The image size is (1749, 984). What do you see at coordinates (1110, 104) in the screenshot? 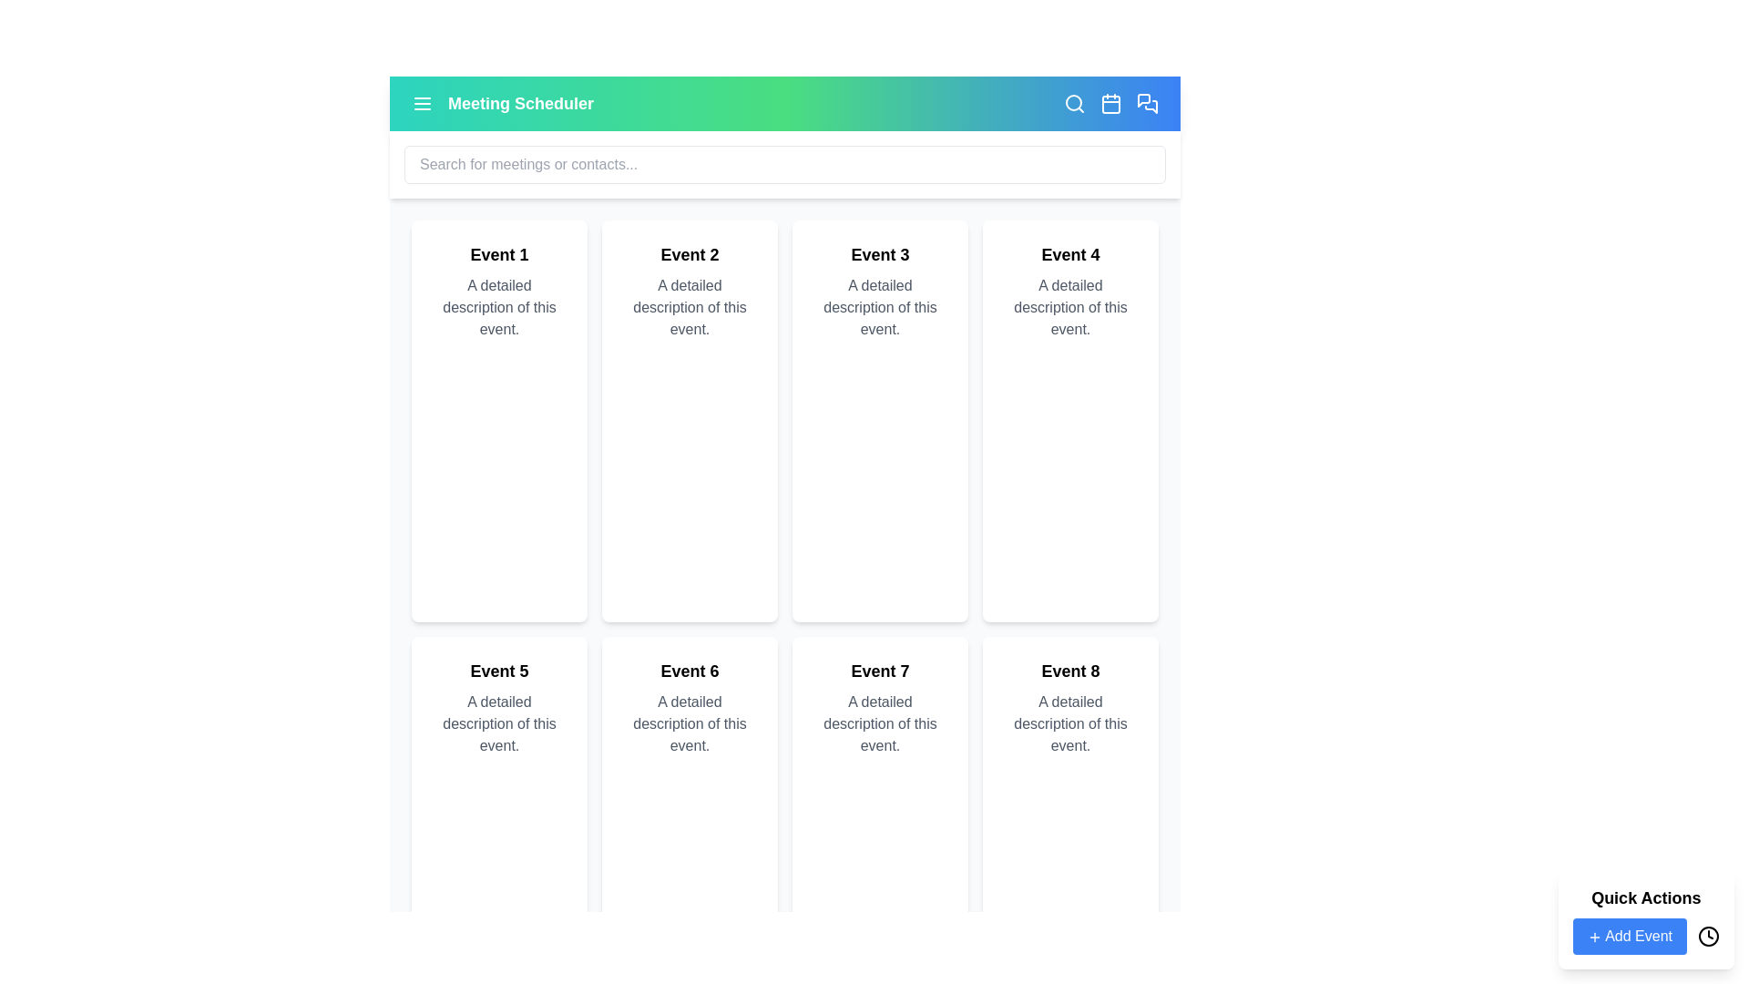
I see `the calendar icon, which is the second icon from the left in a group of three icons located in the blue-colored top navbar` at bounding box center [1110, 104].